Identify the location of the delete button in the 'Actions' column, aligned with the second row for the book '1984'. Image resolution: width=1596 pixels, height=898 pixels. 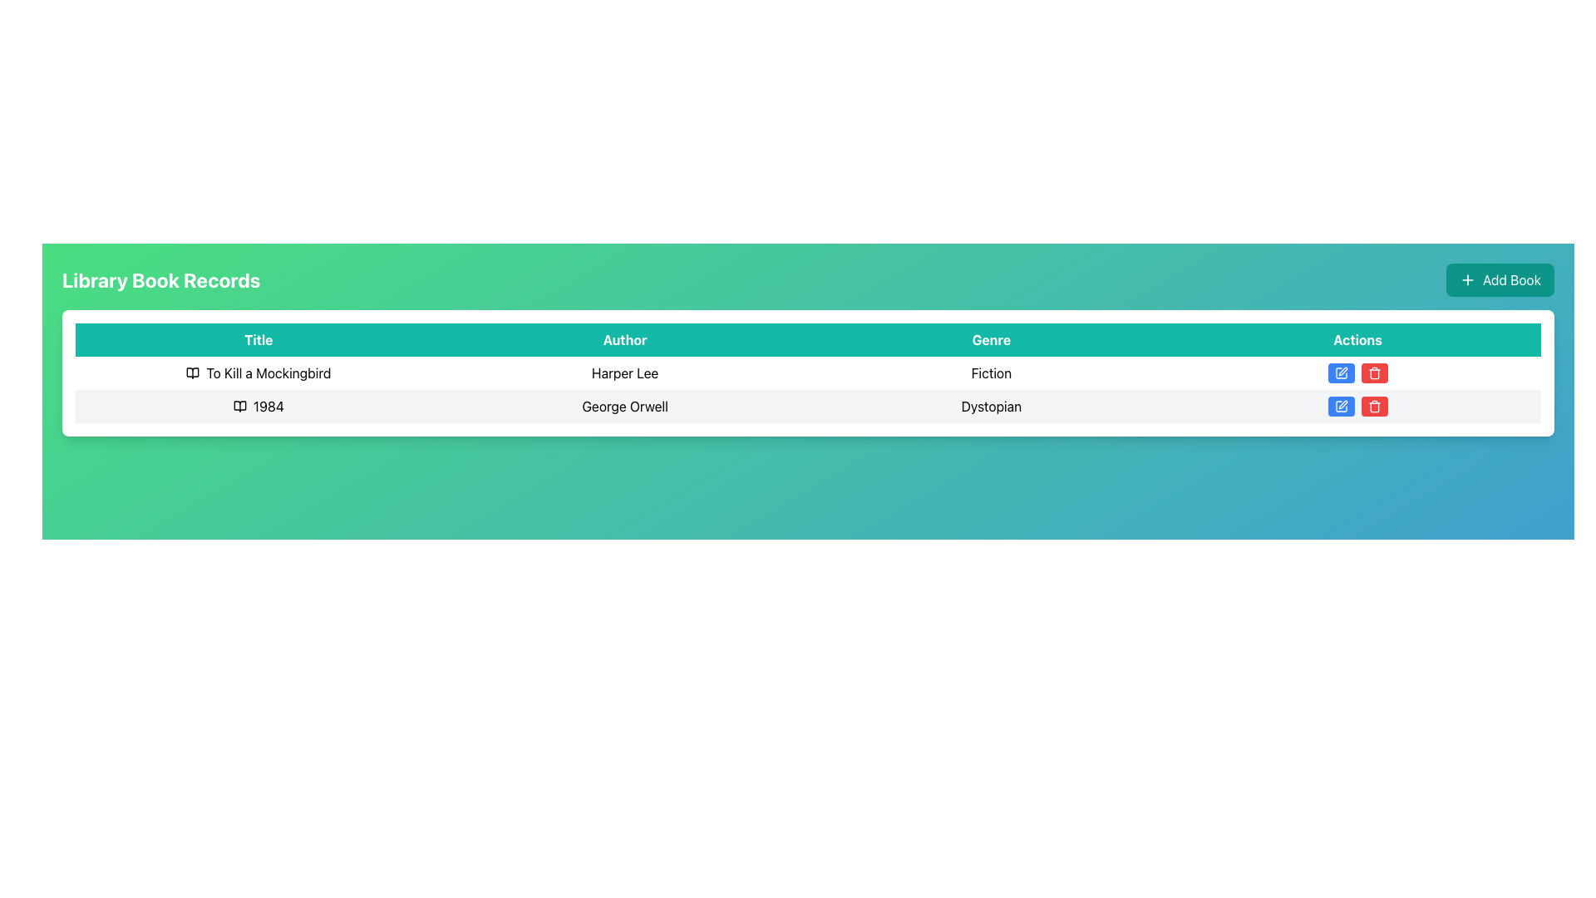
(1374, 407).